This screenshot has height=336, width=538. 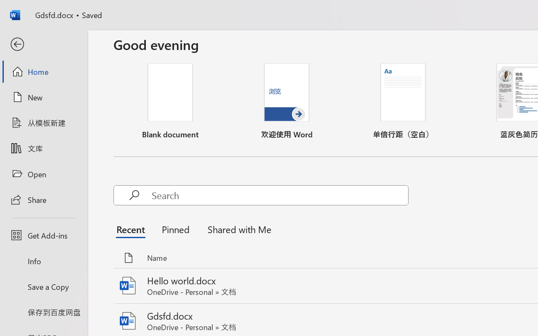 I want to click on 'Info', so click(x=43, y=261).